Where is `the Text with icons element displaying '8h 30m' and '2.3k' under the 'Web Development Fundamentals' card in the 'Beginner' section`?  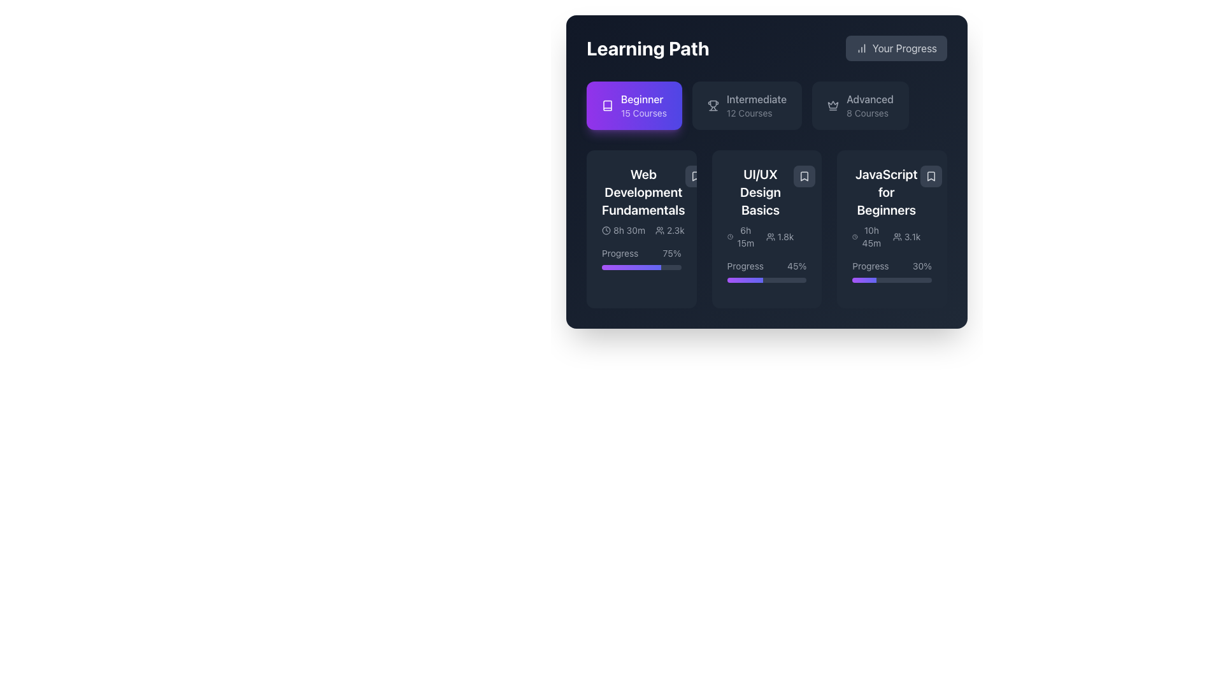
the Text with icons element displaying '8h 30m' and '2.3k' under the 'Web Development Fundamentals' card in the 'Beginner' section is located at coordinates (643, 231).